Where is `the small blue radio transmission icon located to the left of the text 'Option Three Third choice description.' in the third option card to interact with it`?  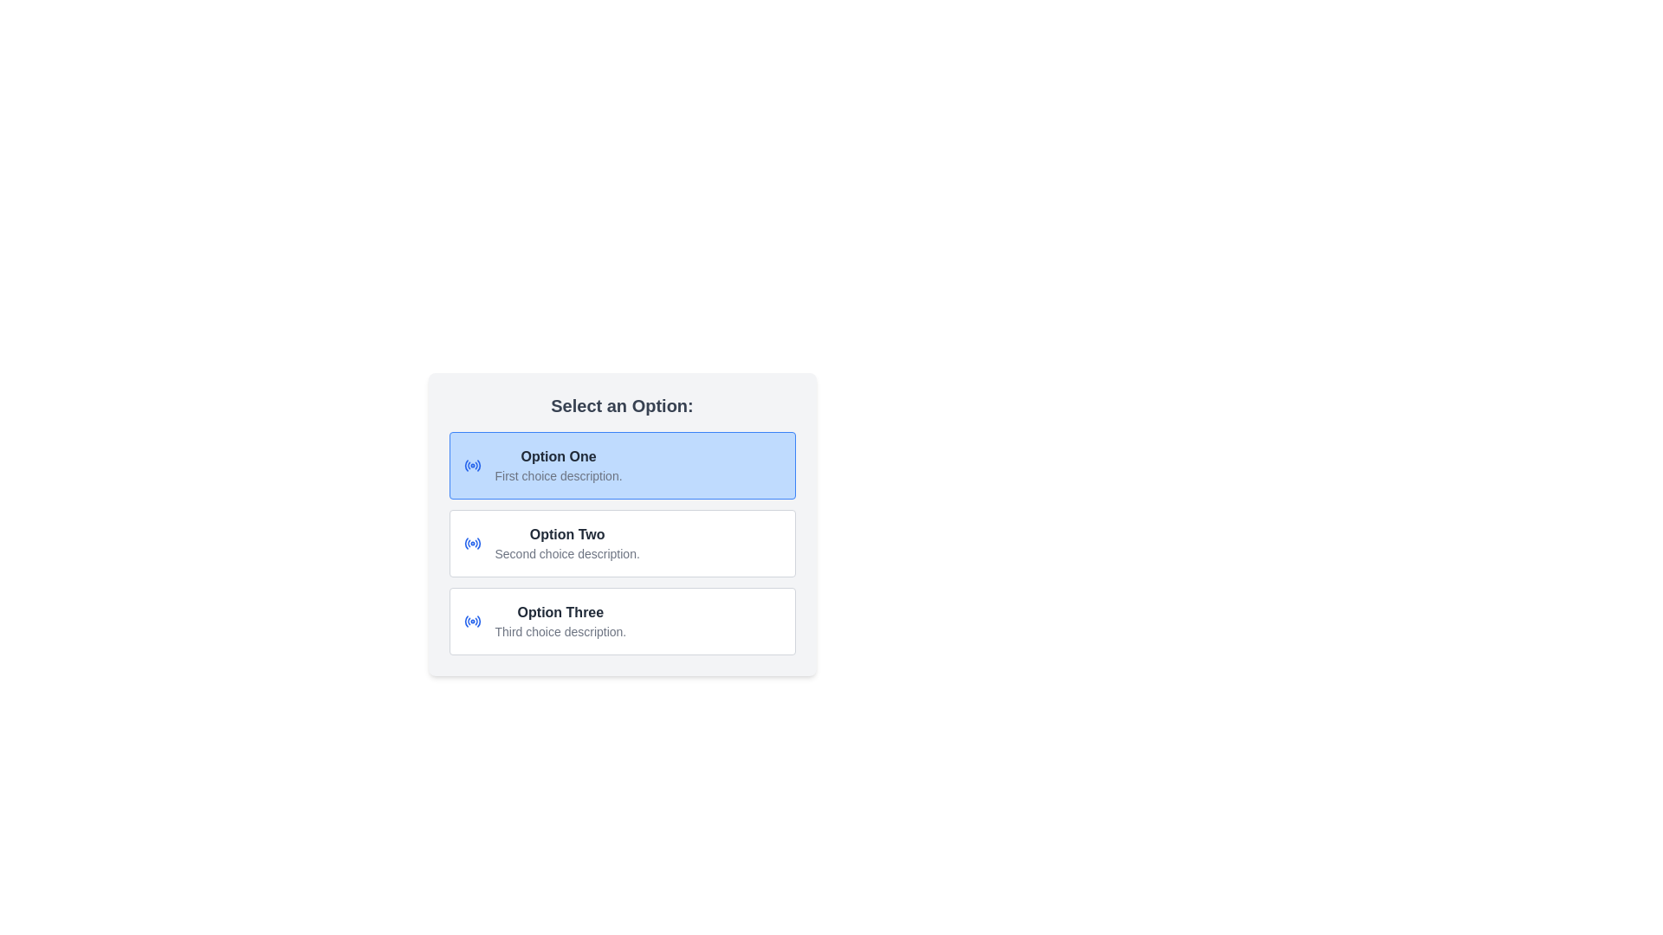
the small blue radio transmission icon located to the left of the text 'Option Three Third choice description.' in the third option card to interact with it is located at coordinates (472, 620).